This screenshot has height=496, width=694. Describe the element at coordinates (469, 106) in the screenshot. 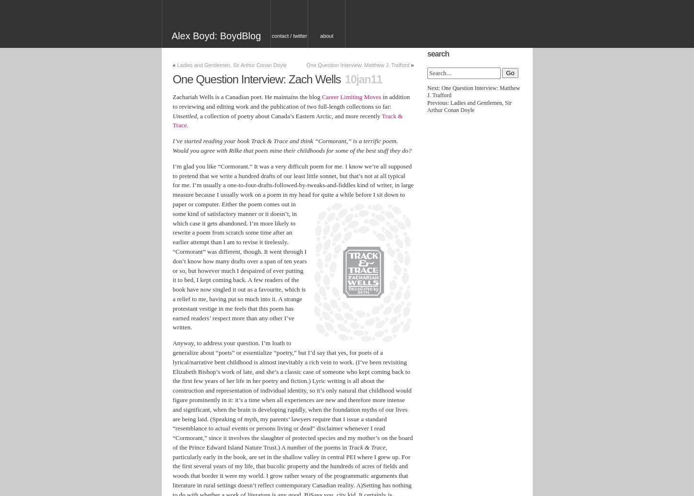

I see `'Previous: Ladies and Gentlemen, Sir Arthur Conan Doyle'` at that location.